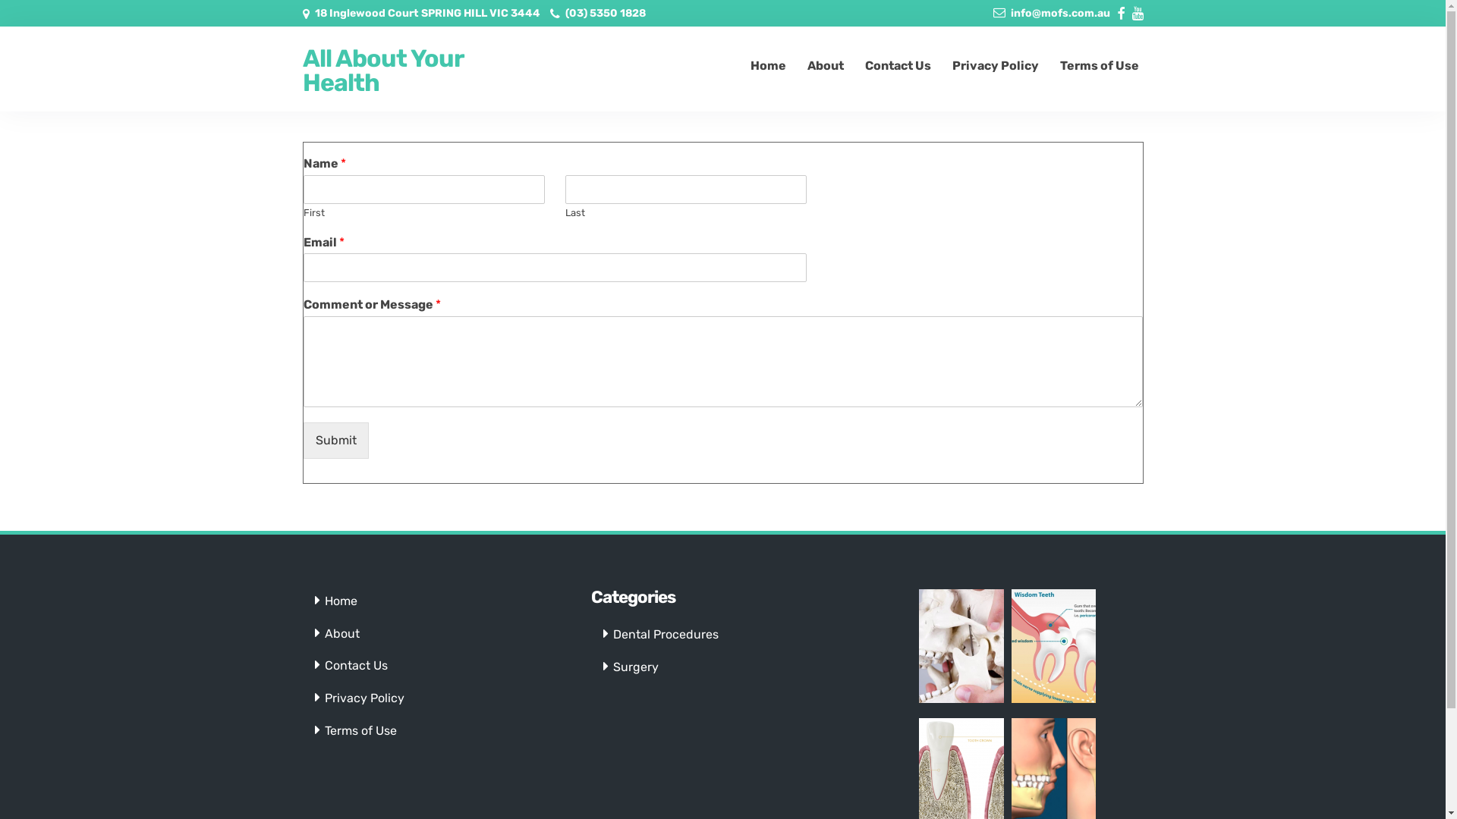  Describe the element at coordinates (364, 698) in the screenshot. I see `'Privacy Policy'` at that location.